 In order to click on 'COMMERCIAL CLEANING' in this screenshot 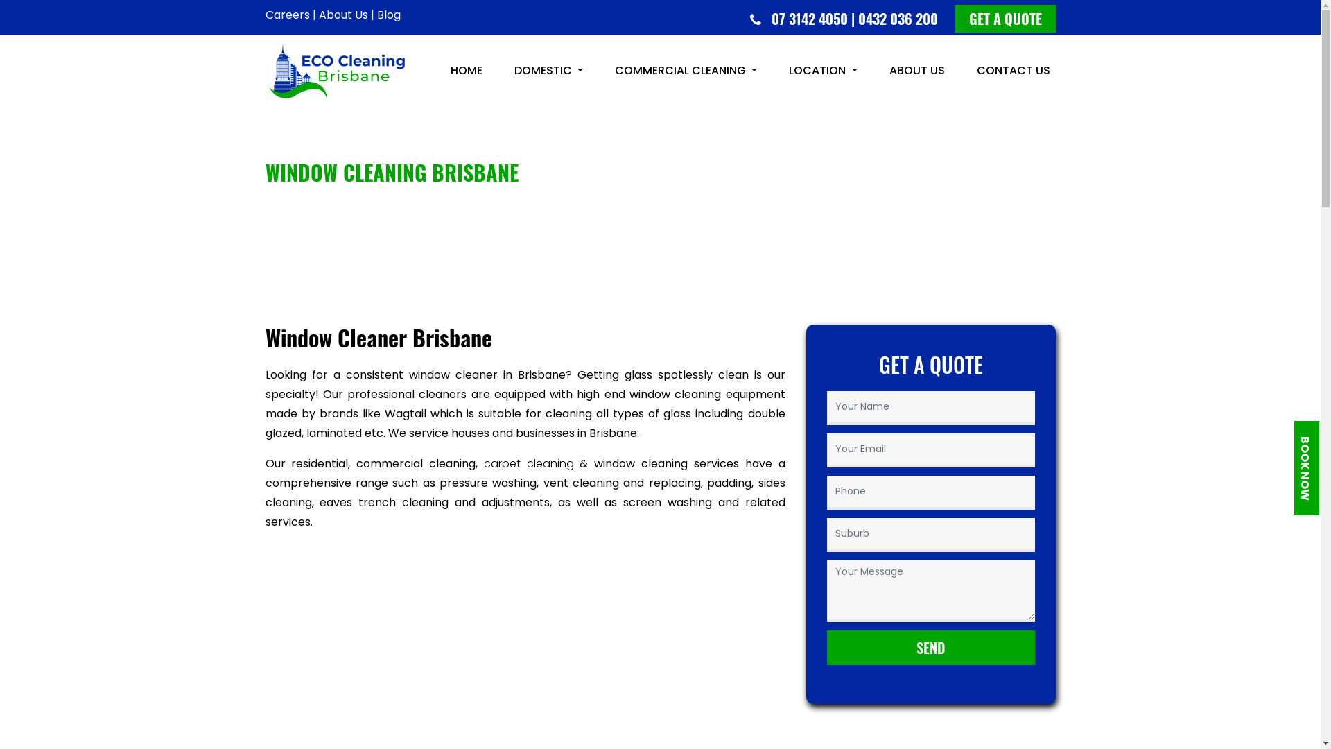, I will do `click(686, 70)`.